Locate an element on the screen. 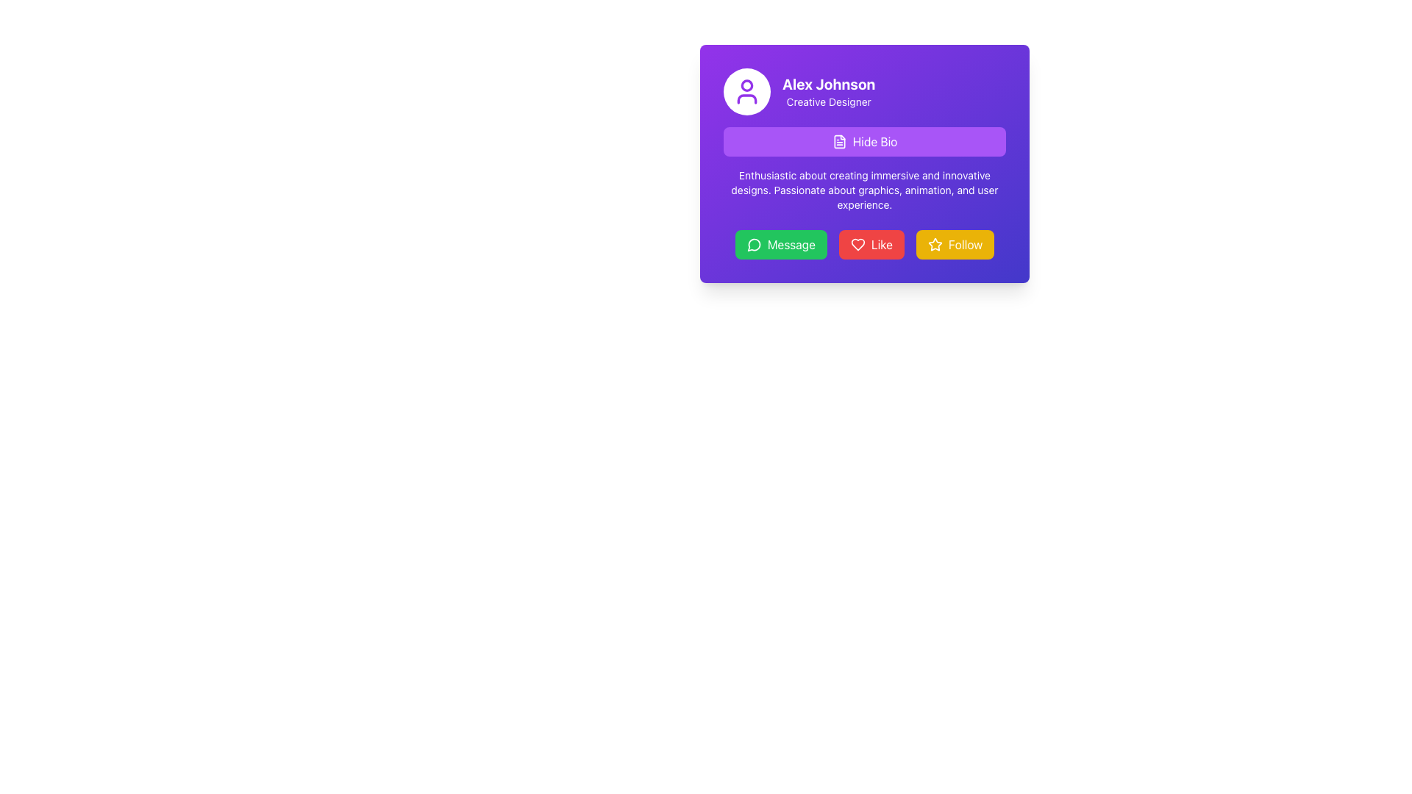  text label 'Message' which is styled in white font and located inside a green rectangular button at the bottom-left corner of the card component is located at coordinates (791, 243).